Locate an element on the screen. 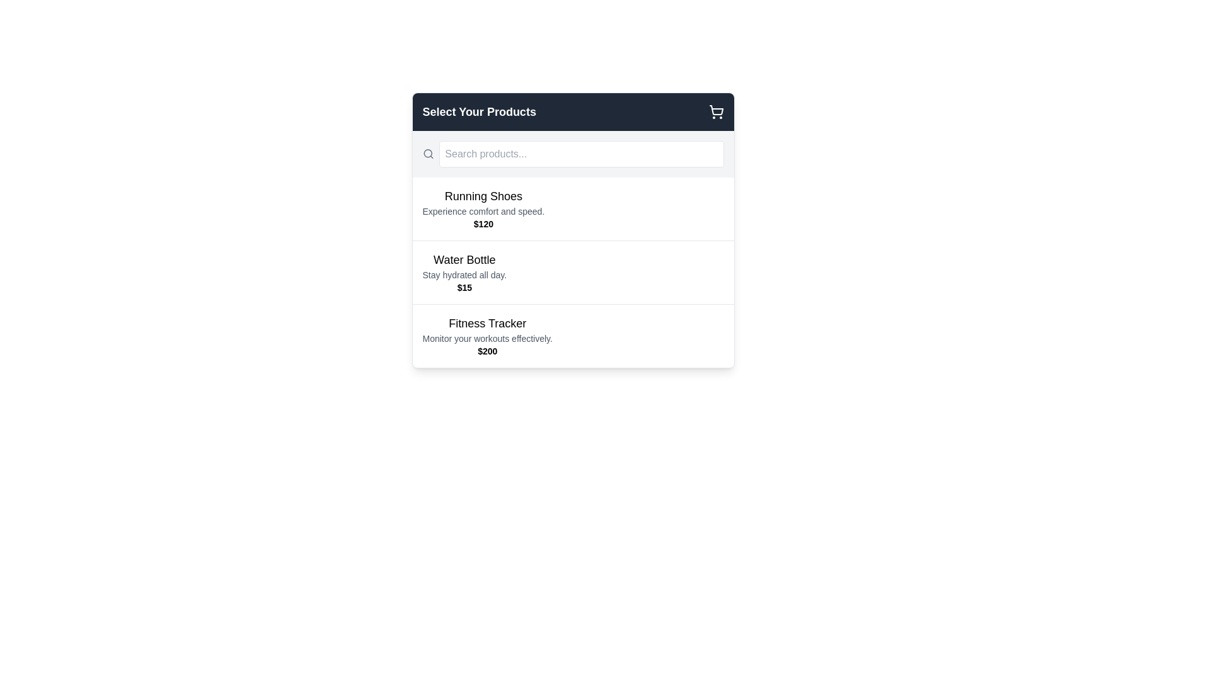 This screenshot has width=1210, height=680. the price text label of the product 'Running Shoes' that is centrally aligned below the descriptive text 'Experience comfort and speed.' is located at coordinates (483, 223).